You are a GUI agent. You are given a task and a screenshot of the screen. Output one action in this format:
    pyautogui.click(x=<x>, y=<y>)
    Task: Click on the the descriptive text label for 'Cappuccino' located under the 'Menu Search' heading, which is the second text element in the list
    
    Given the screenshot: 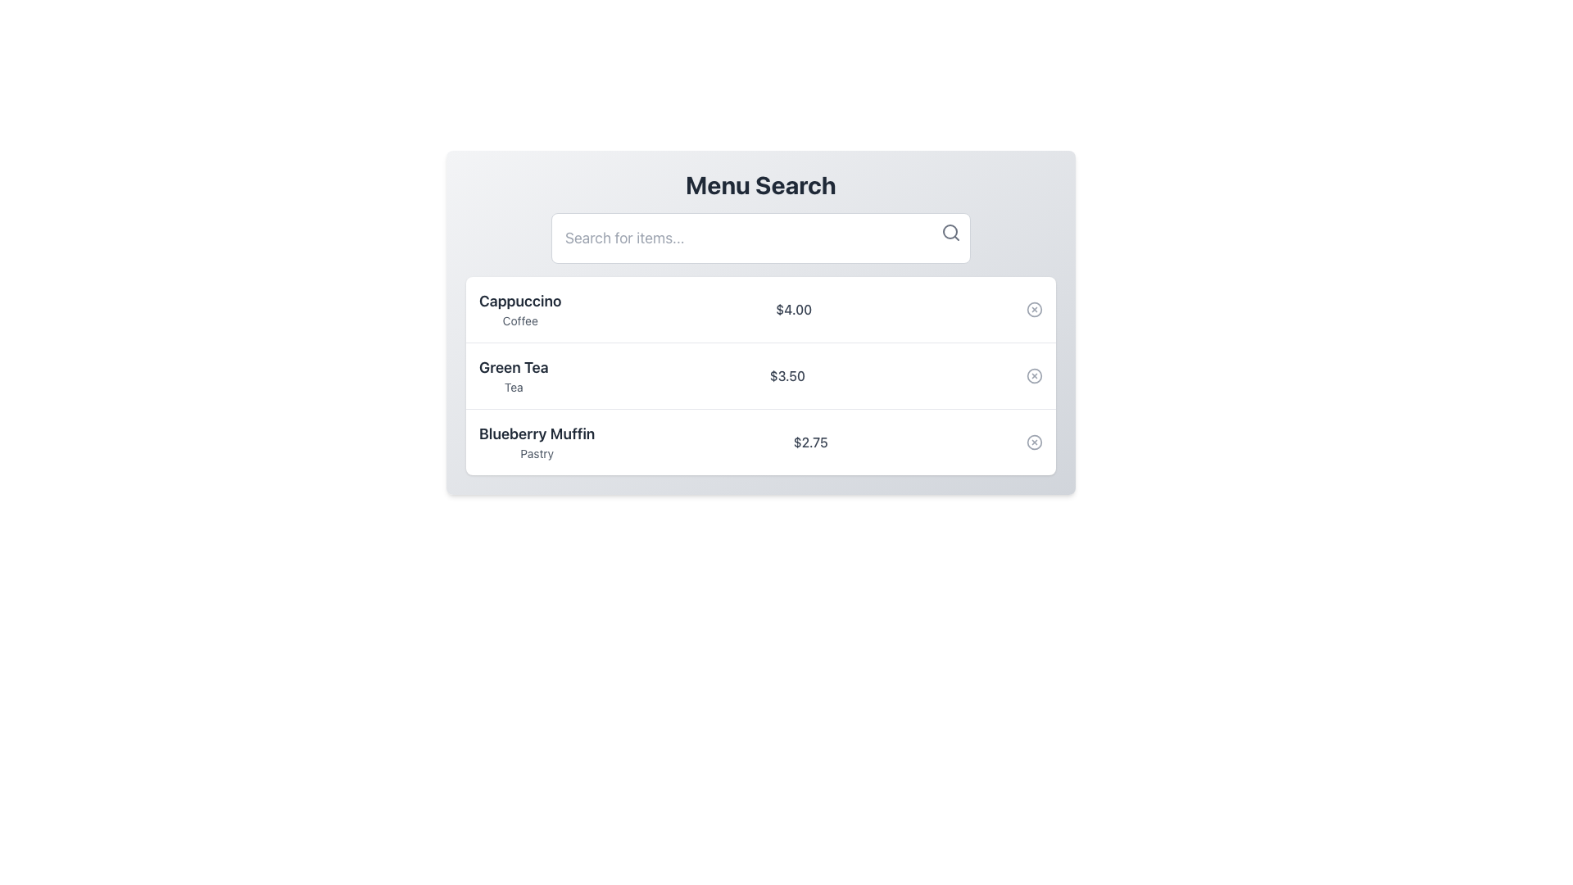 What is the action you would take?
    pyautogui.click(x=519, y=321)
    